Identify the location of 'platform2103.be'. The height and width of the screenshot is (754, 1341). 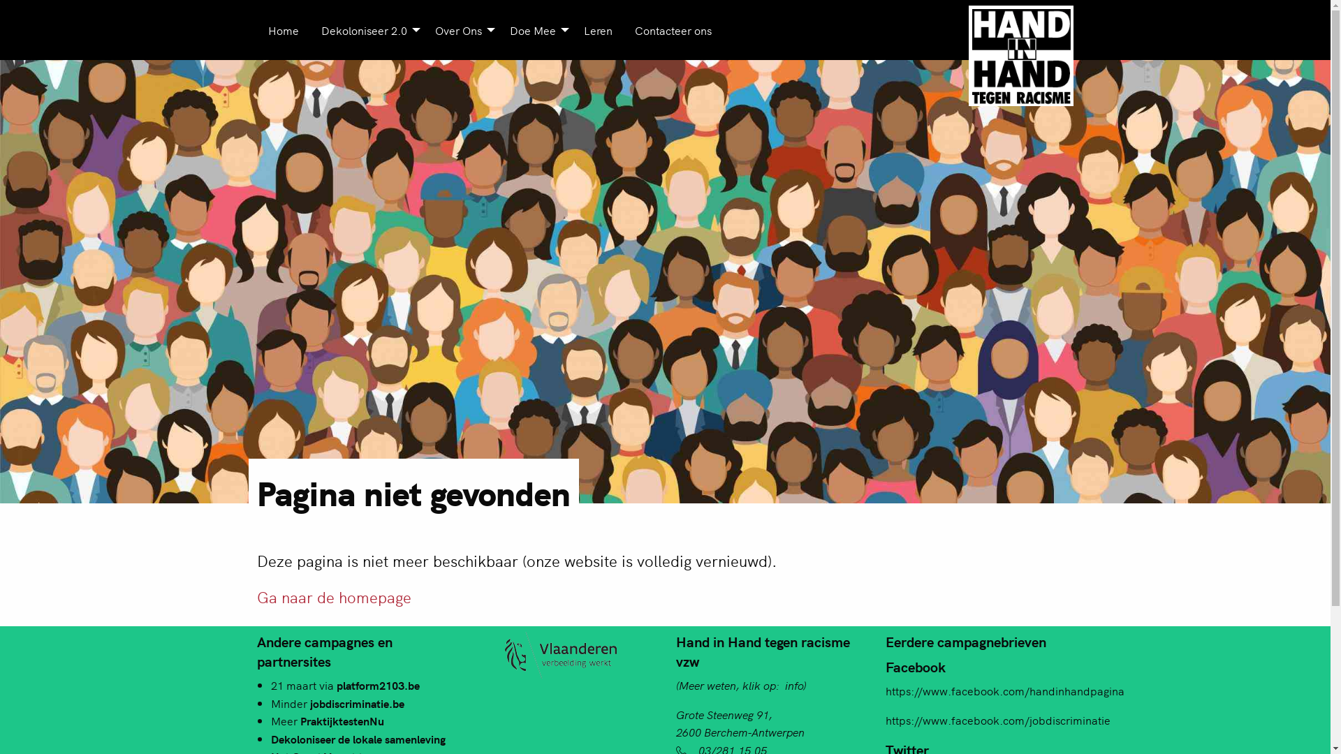
(336, 683).